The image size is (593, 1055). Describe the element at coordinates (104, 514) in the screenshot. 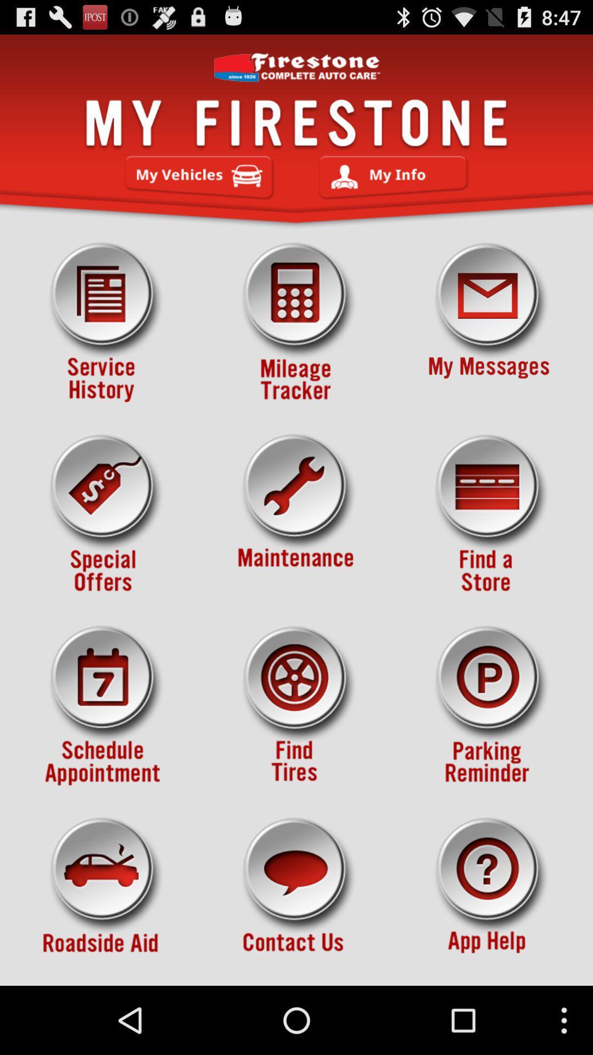

I see `show special offers` at that location.